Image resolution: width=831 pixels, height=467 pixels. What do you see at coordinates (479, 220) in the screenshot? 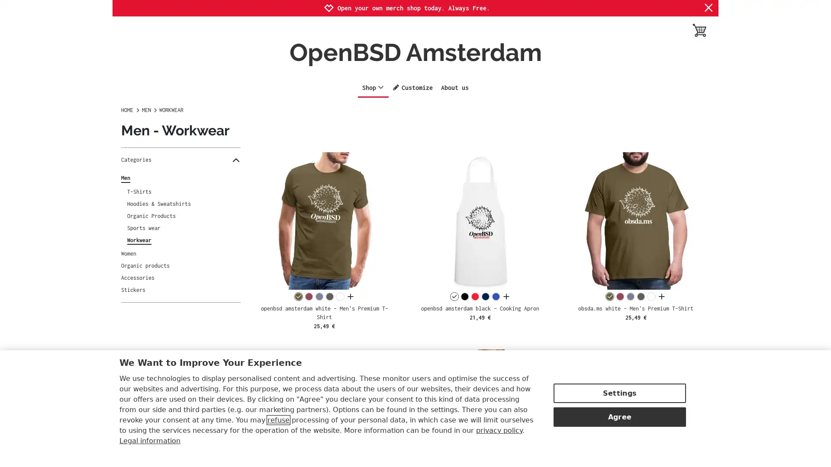
I see `openbsd amsterdam black - Cooking Apron` at bounding box center [479, 220].